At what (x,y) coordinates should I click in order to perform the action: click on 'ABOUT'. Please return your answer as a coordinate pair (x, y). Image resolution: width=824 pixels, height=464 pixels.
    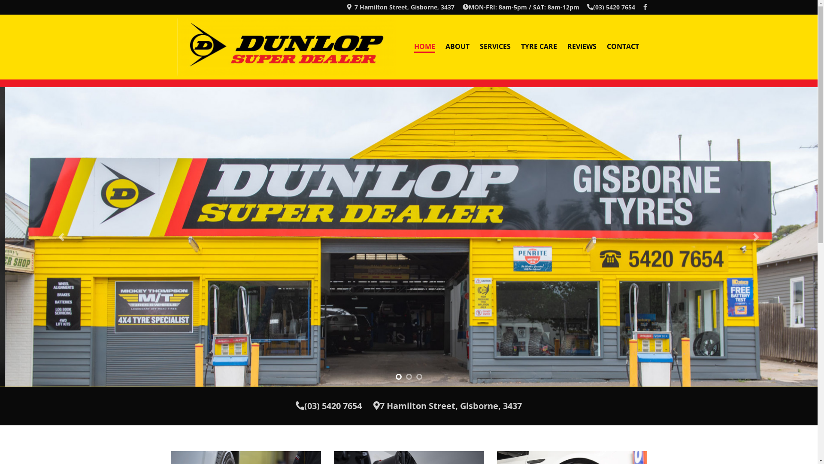
    Looking at the image, I should click on (457, 47).